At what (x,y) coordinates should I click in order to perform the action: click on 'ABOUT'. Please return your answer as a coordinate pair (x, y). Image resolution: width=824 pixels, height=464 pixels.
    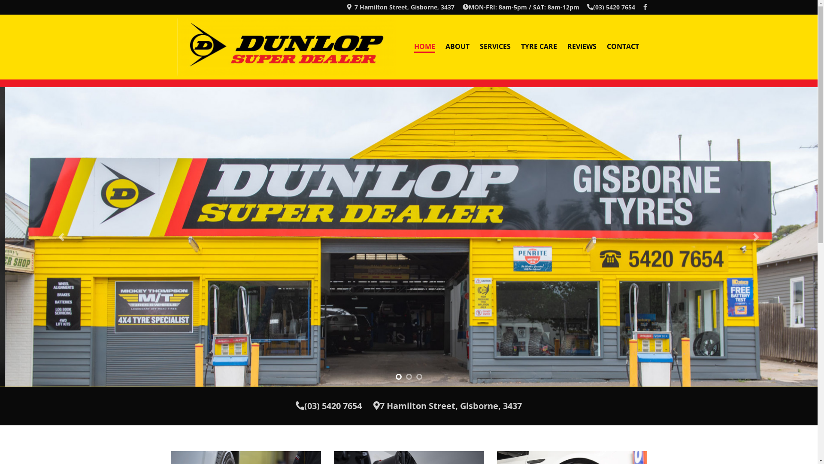
    Looking at the image, I should click on (457, 47).